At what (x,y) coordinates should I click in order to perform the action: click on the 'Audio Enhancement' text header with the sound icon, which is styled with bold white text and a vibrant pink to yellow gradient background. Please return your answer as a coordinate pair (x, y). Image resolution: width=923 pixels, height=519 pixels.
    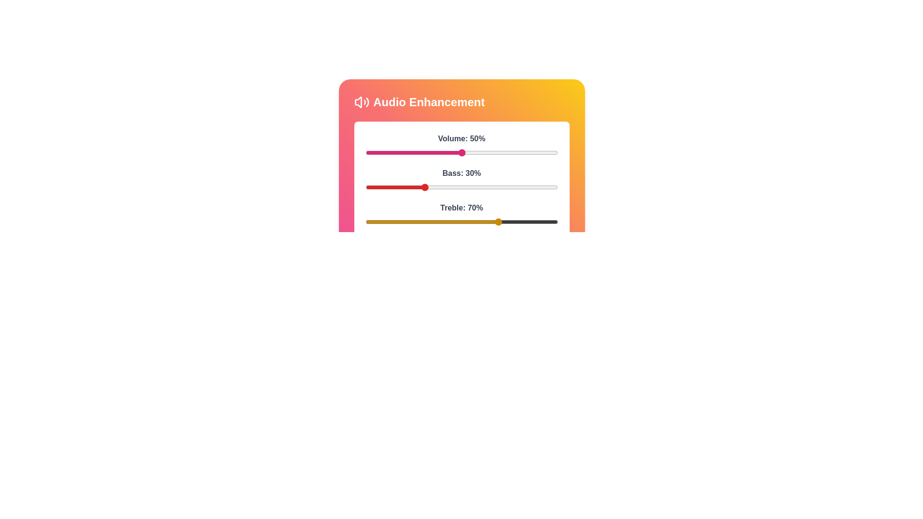
    Looking at the image, I should click on (461, 102).